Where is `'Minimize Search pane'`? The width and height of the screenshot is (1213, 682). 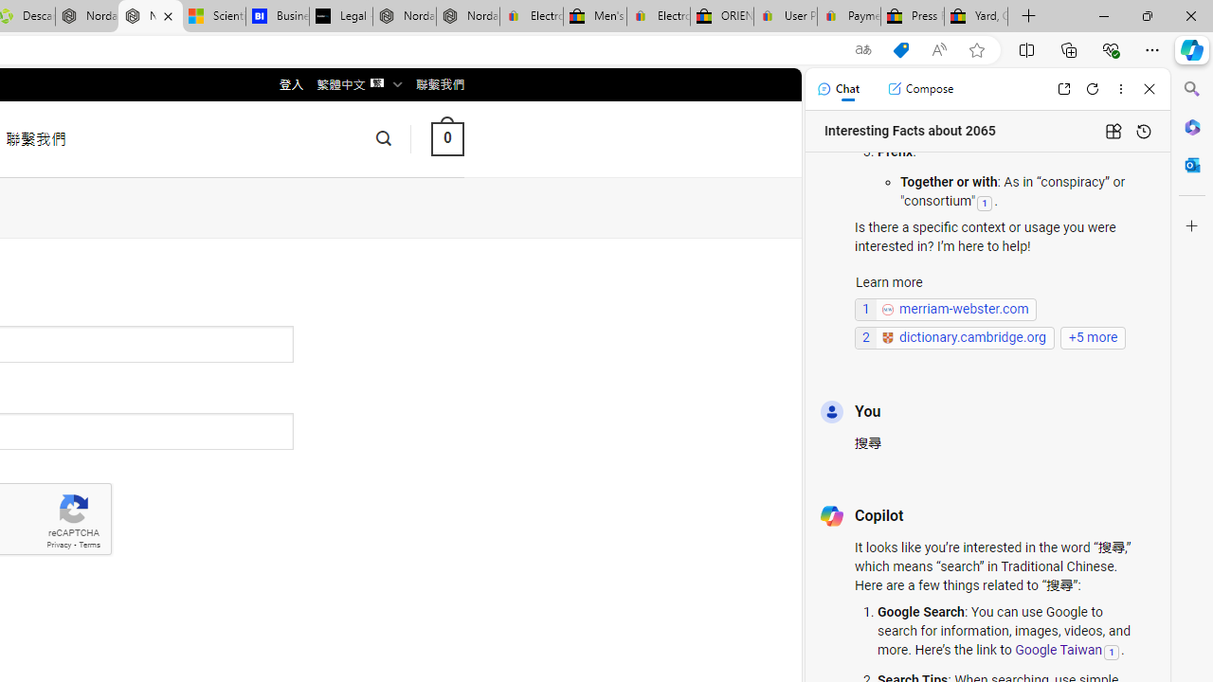
'Minimize Search pane' is located at coordinates (1191, 89).